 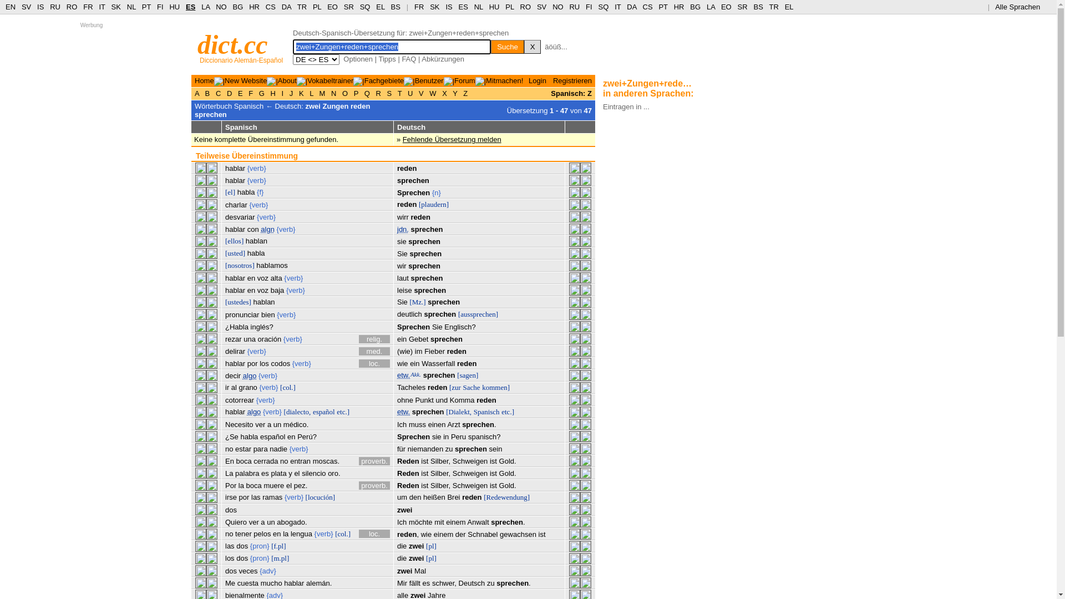 What do you see at coordinates (428, 412) in the screenshot?
I see `'sprechen'` at bounding box center [428, 412].